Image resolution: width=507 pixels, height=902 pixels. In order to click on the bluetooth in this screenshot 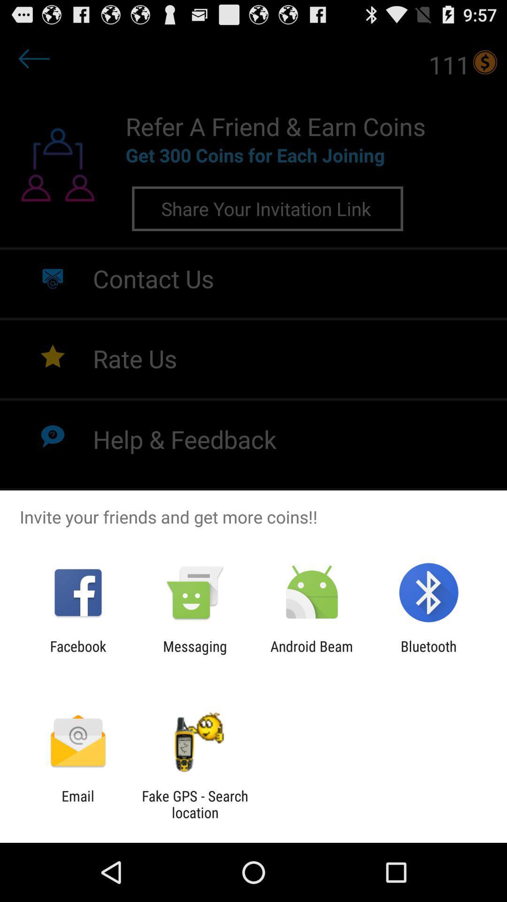, I will do `click(429, 654)`.